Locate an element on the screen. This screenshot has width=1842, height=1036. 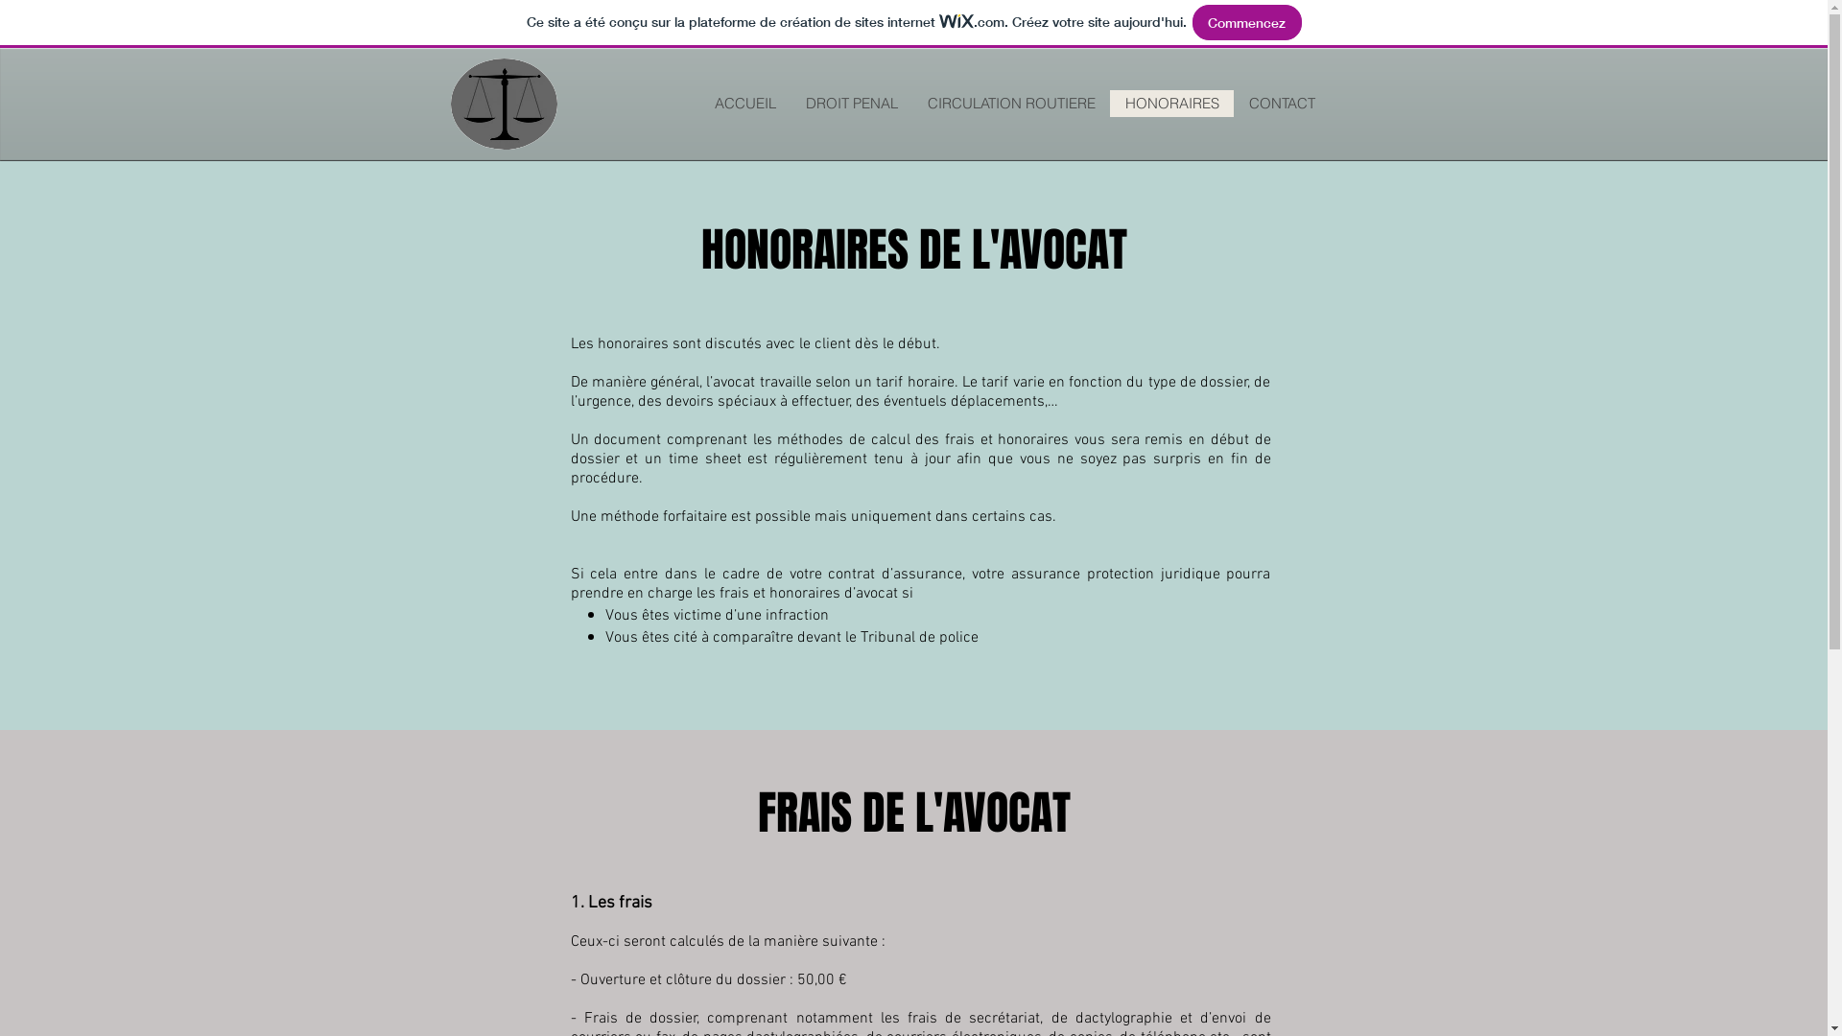
'DROIT PENAL' is located at coordinates (791, 104).